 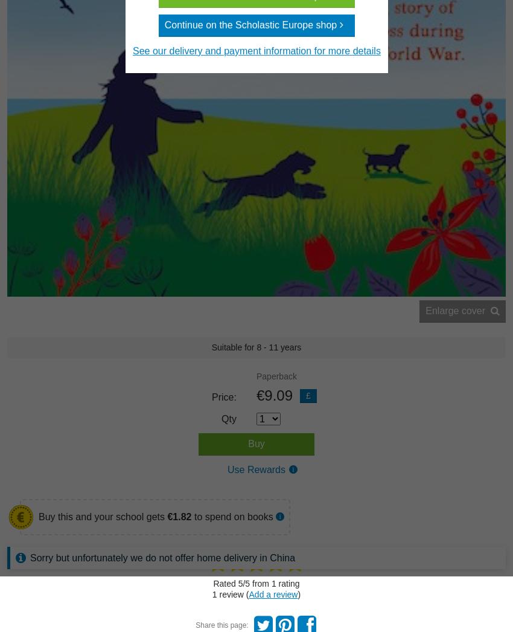 What do you see at coordinates (272, 593) in the screenshot?
I see `'Add a review'` at bounding box center [272, 593].